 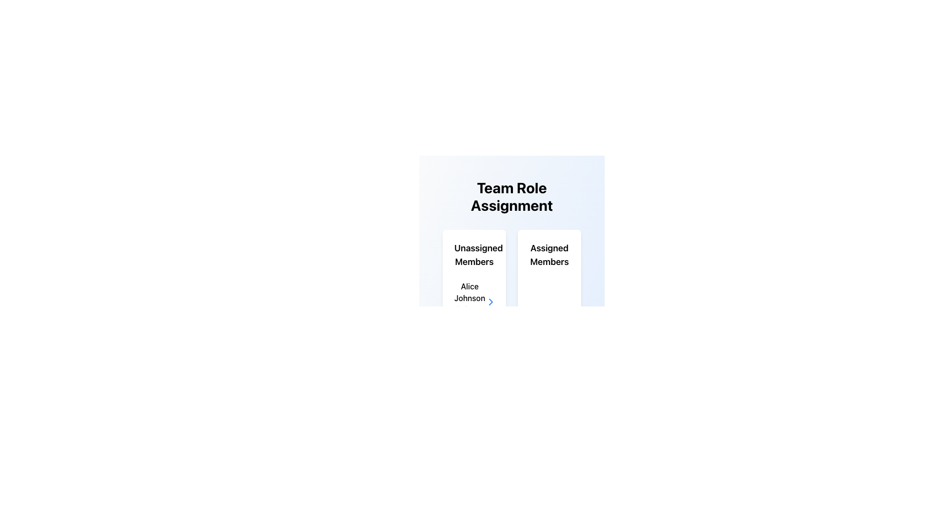 I want to click on the chevron icon located at the end of the line containing 'Alice Johnson Software Engineer', so click(x=491, y=301).